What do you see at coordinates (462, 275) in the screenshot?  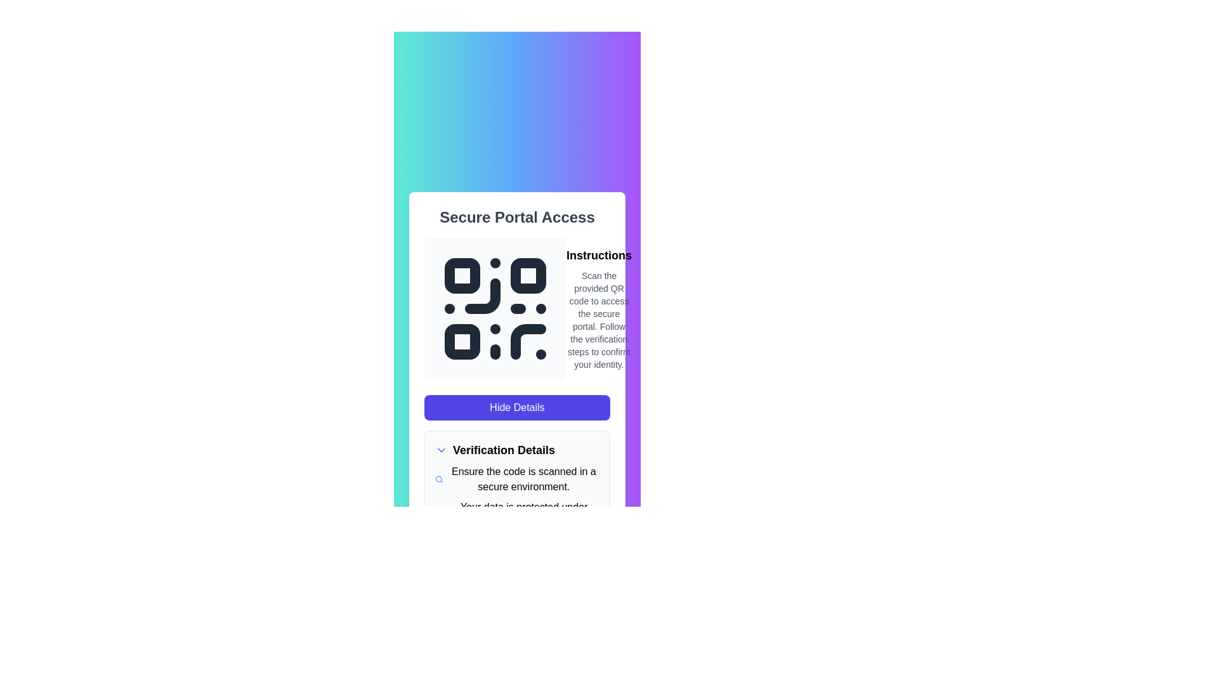 I see `the first small block in the top-left corner of the QR code block within the 'Secure Portal Access' module` at bounding box center [462, 275].